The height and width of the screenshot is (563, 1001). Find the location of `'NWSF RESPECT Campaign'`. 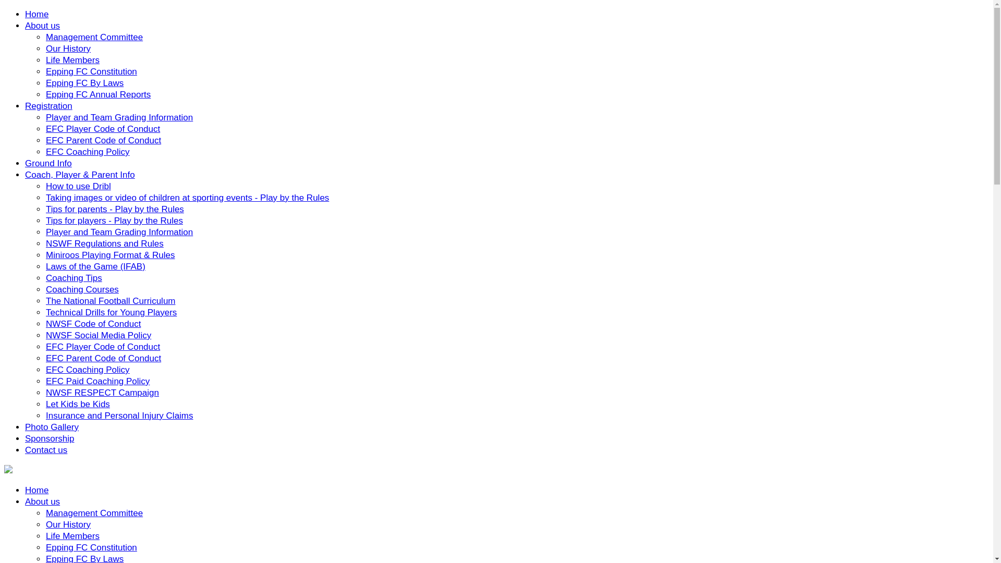

'NWSF RESPECT Campaign' is located at coordinates (45, 393).